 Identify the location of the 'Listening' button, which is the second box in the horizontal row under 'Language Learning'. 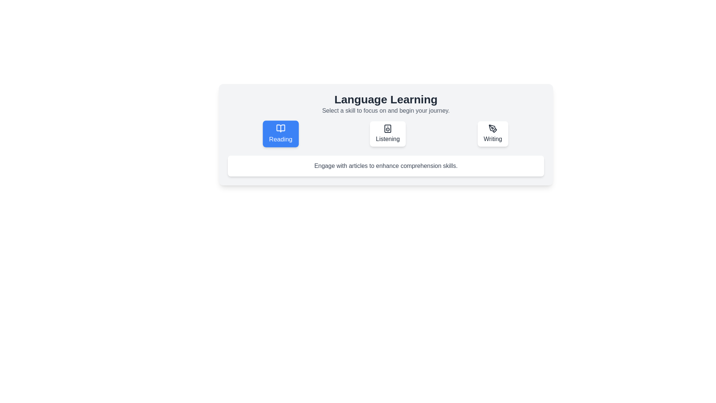
(386, 135).